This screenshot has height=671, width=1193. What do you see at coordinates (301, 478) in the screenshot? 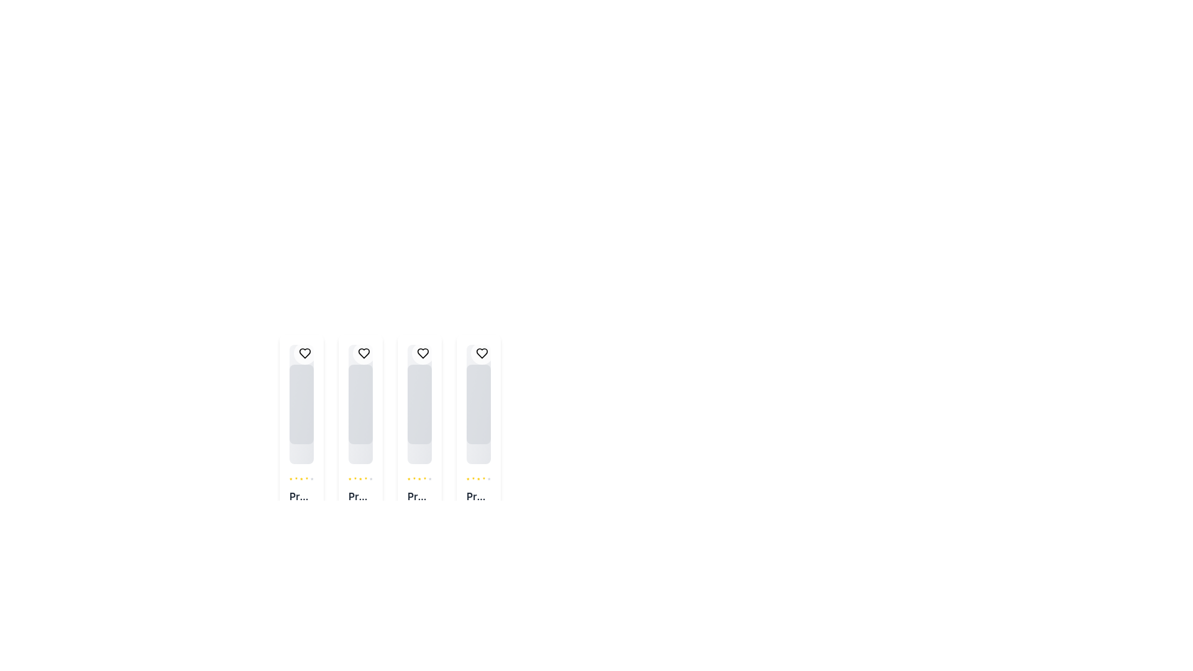
I see `the fourth star icon in a row of five stars, indicating a selected rating level on the card-like component` at bounding box center [301, 478].